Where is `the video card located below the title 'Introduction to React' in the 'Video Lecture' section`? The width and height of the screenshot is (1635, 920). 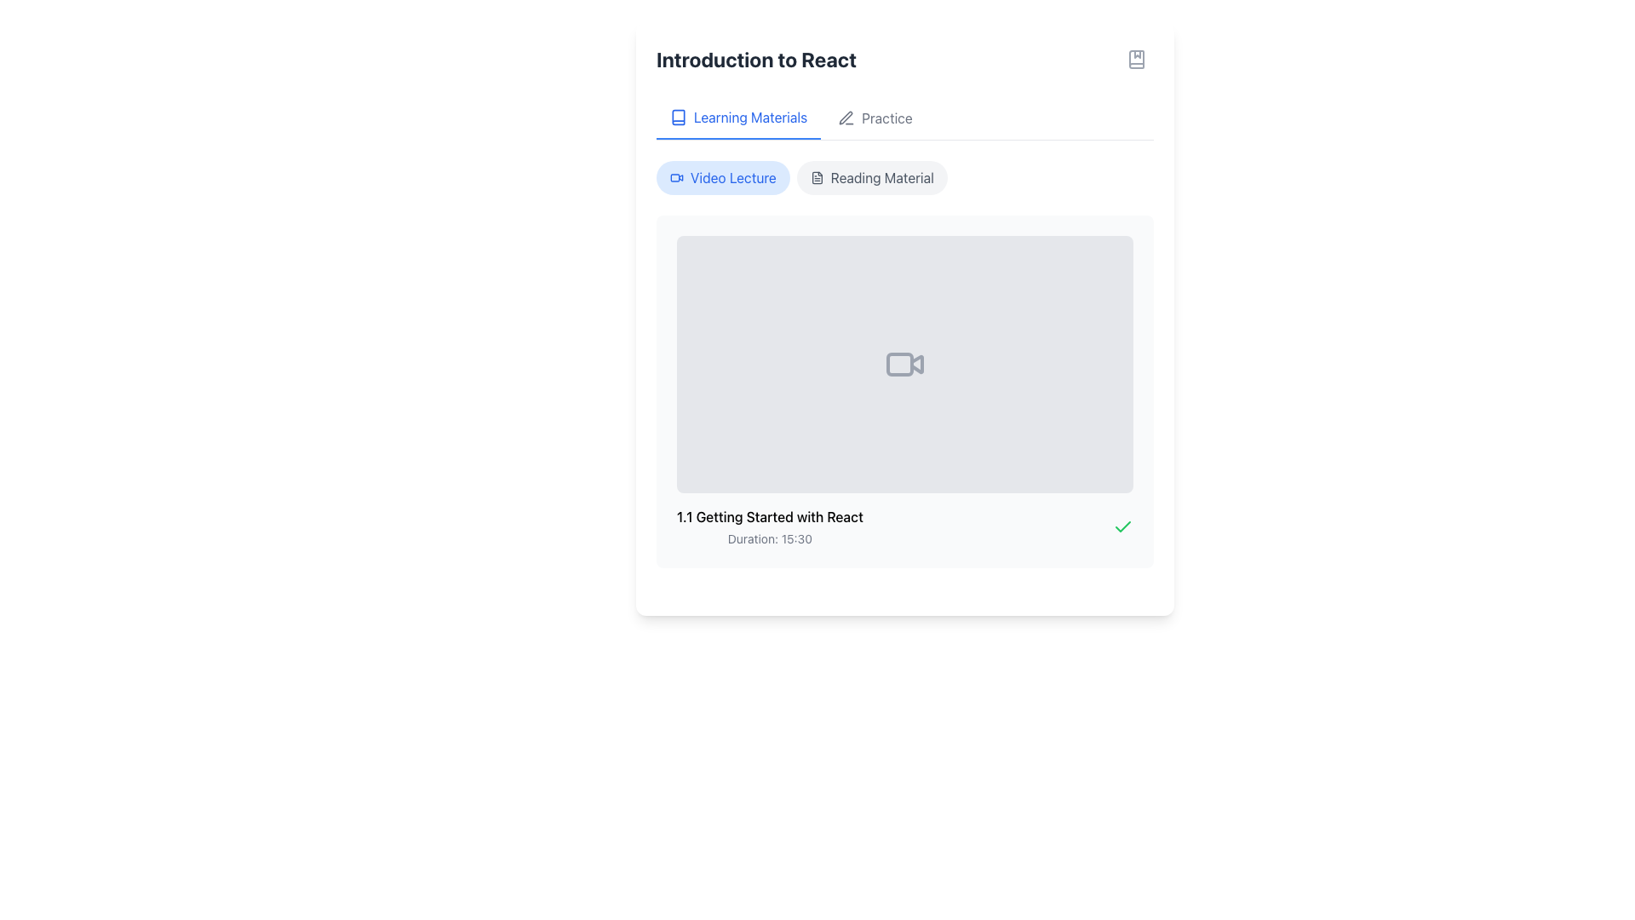
the video card located below the title 'Introduction to React' in the 'Video Lecture' section is located at coordinates (904, 391).